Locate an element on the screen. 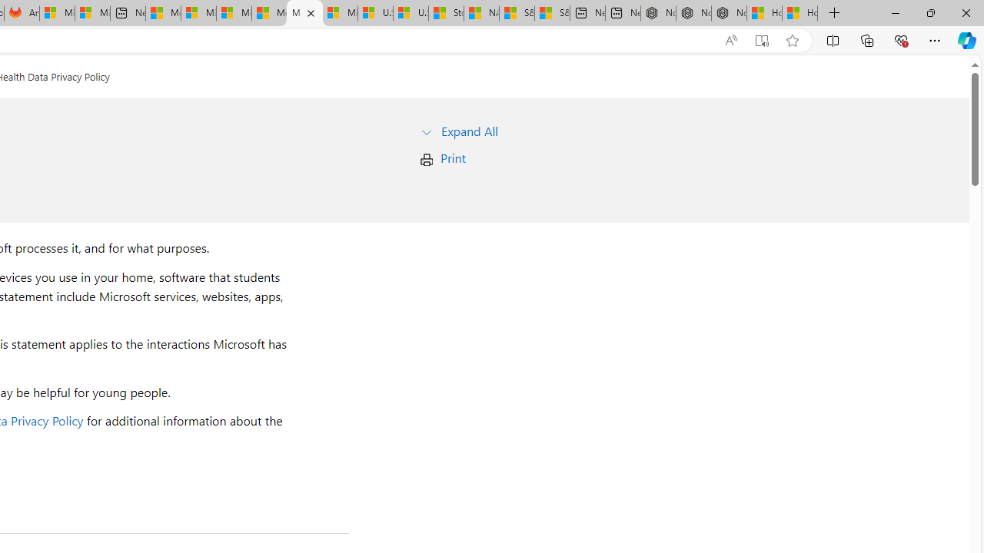 This screenshot has height=553, width=984. 'Restore' is located at coordinates (929, 12).